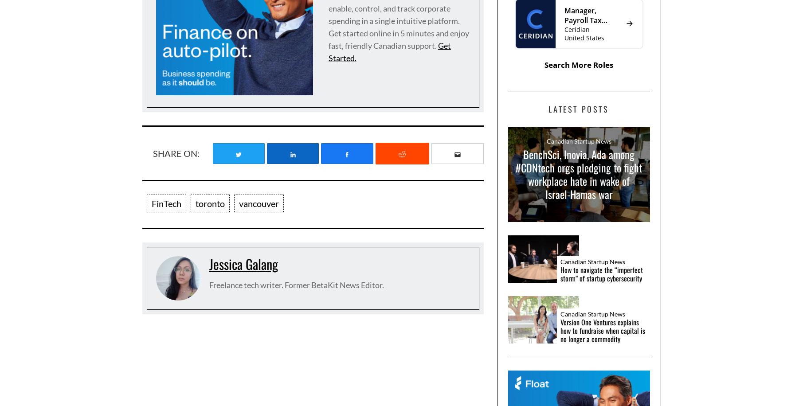 Image resolution: width=803 pixels, height=406 pixels. What do you see at coordinates (576, 28) in the screenshot?
I see `'Ceridian'` at bounding box center [576, 28].